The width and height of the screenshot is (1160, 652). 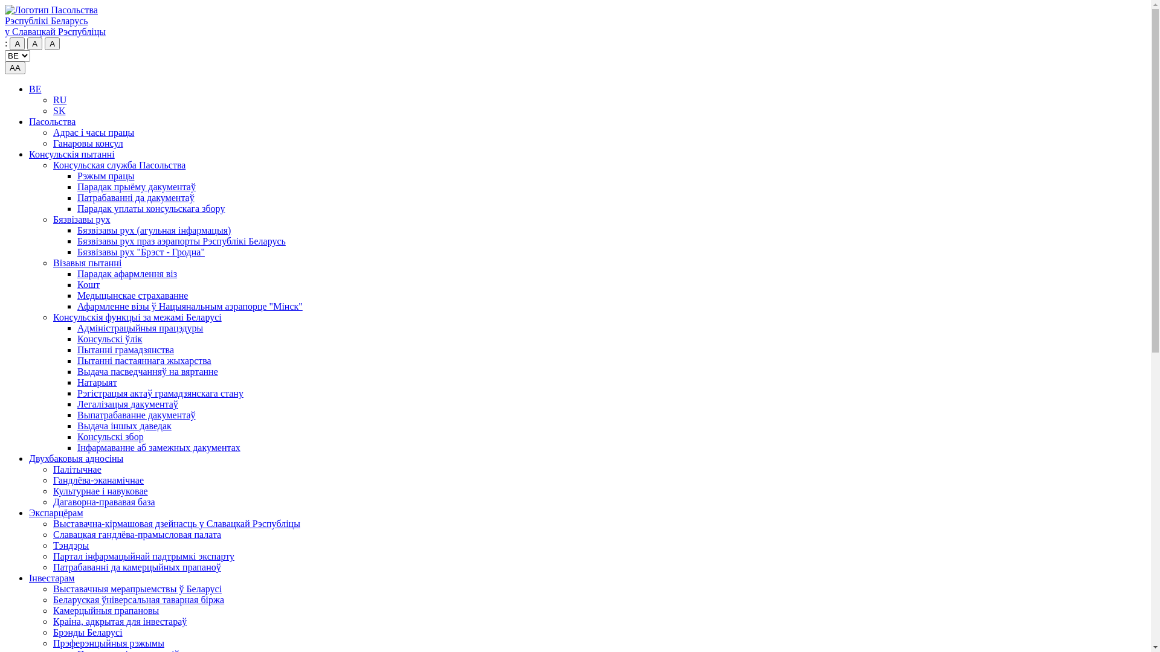 I want to click on 'A', so click(x=17, y=43).